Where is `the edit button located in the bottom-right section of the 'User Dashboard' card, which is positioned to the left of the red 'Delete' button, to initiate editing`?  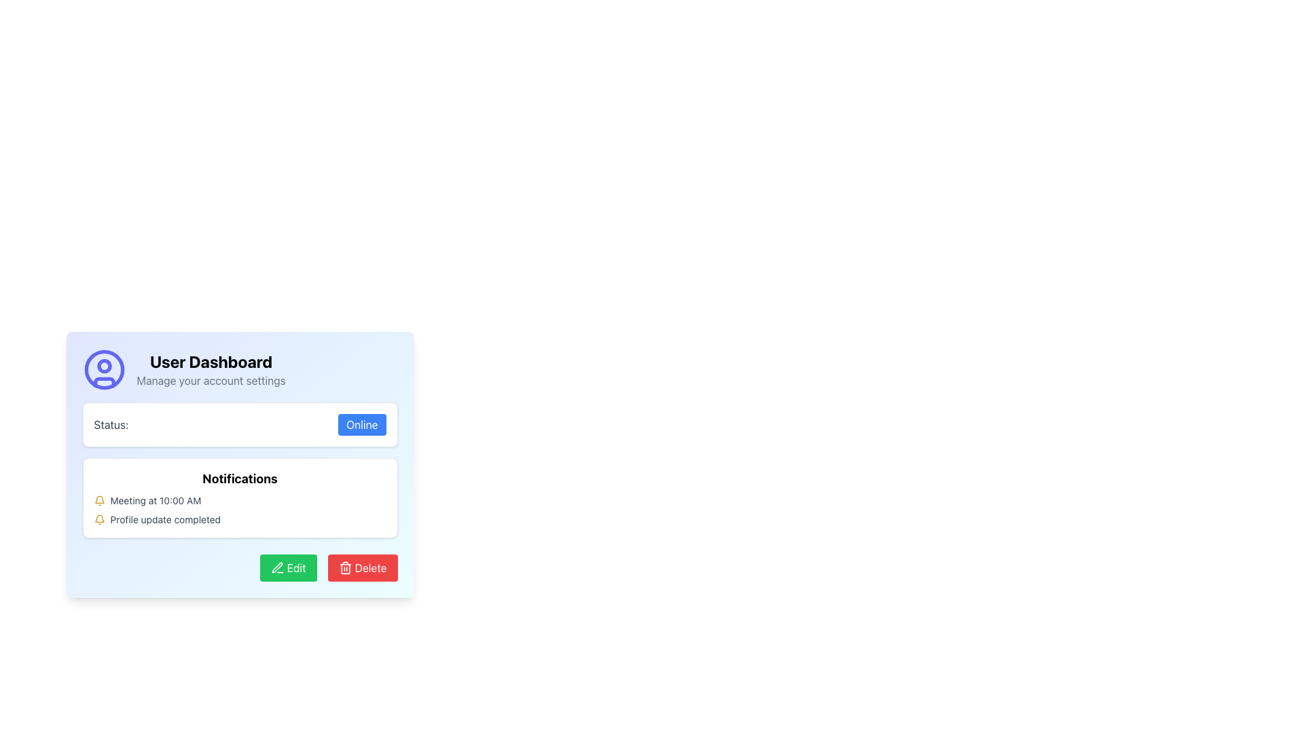 the edit button located in the bottom-right section of the 'User Dashboard' card, which is positioned to the left of the red 'Delete' button, to initiate editing is located at coordinates (287, 568).